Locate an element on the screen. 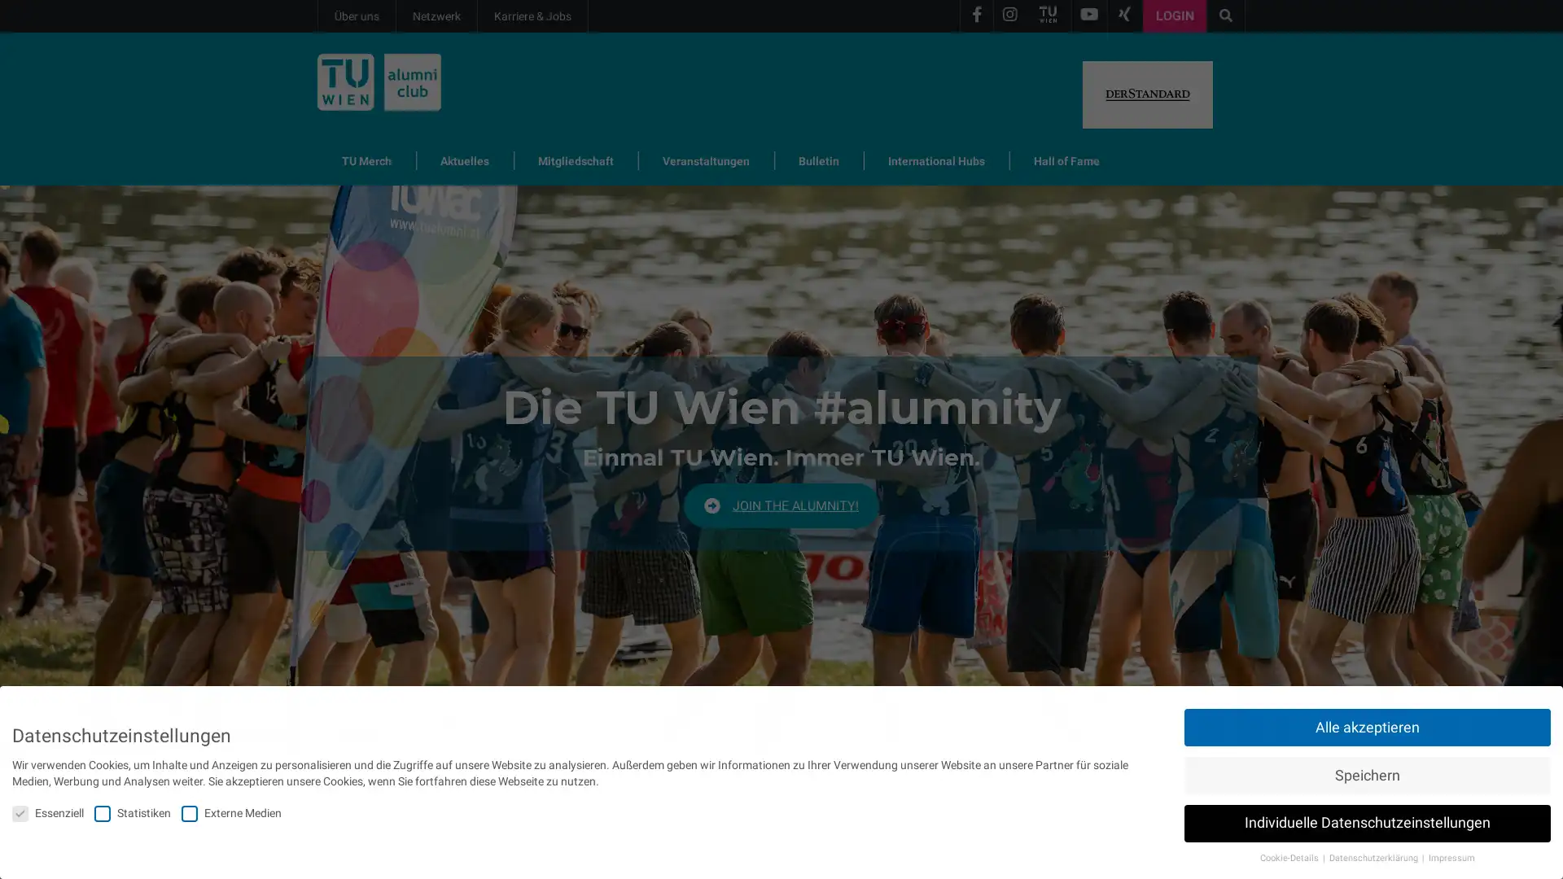 This screenshot has height=879, width=1563. Speichern is located at coordinates (1368, 774).